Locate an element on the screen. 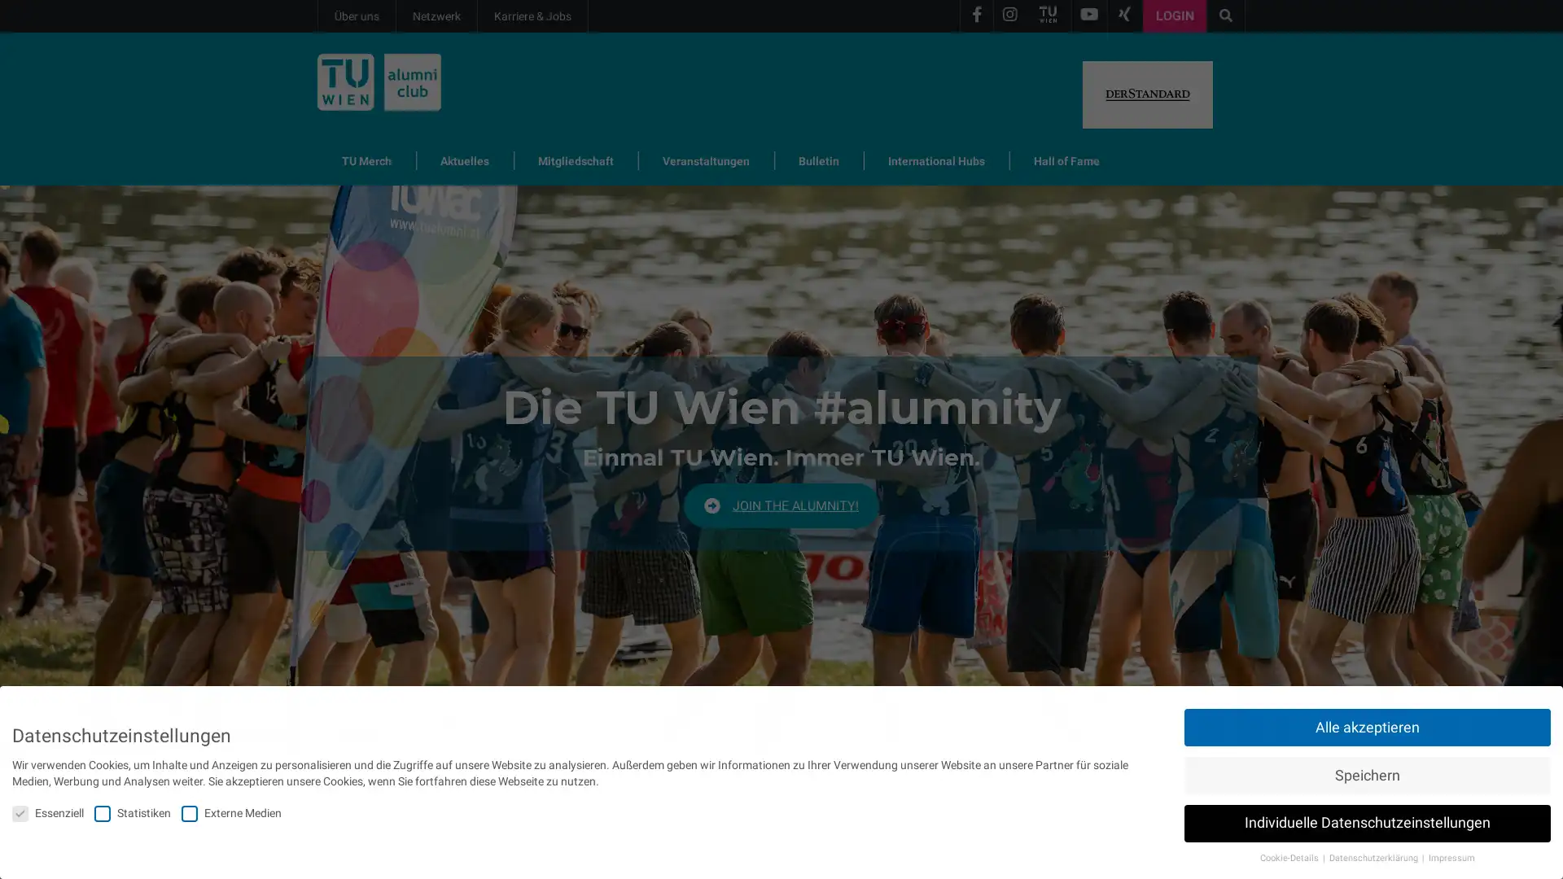 This screenshot has height=879, width=1563. Speichern is located at coordinates (1368, 774).